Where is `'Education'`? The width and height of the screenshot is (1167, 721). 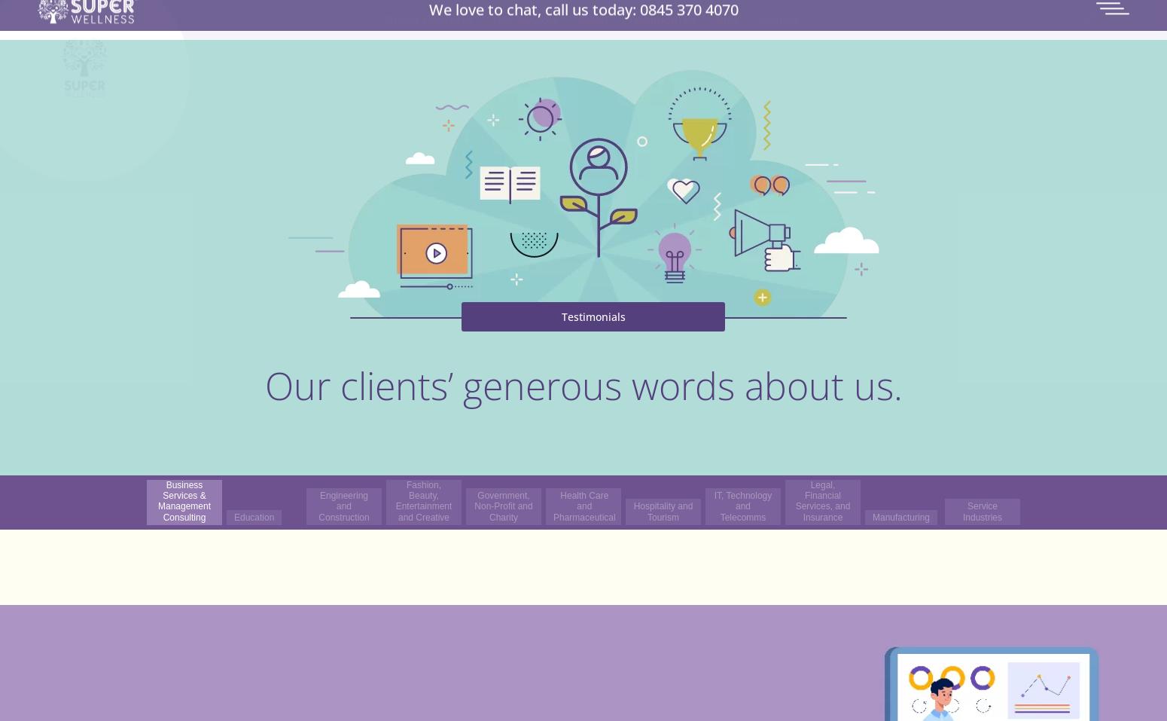 'Education' is located at coordinates (253, 516).